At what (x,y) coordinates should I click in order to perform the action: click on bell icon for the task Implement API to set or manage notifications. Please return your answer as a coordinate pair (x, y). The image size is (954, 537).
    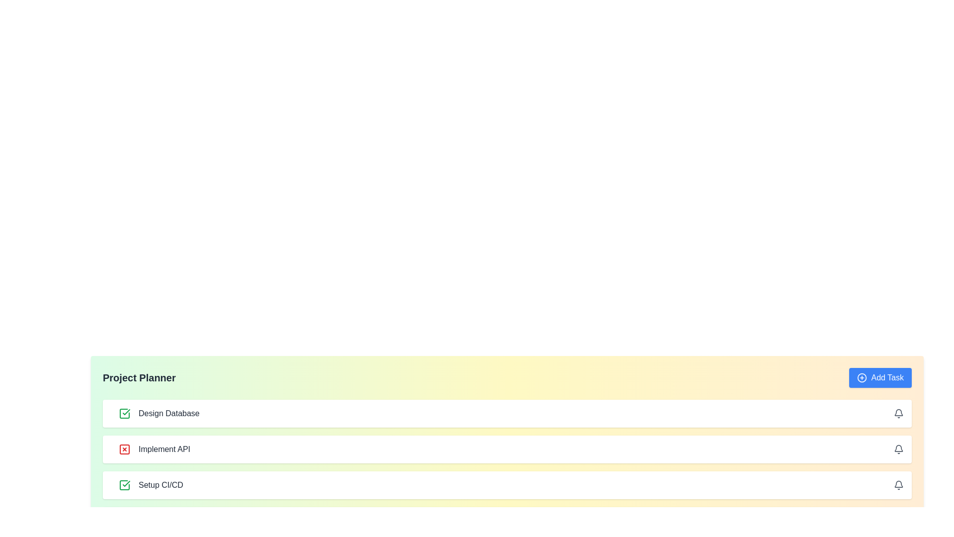
    Looking at the image, I should click on (899, 449).